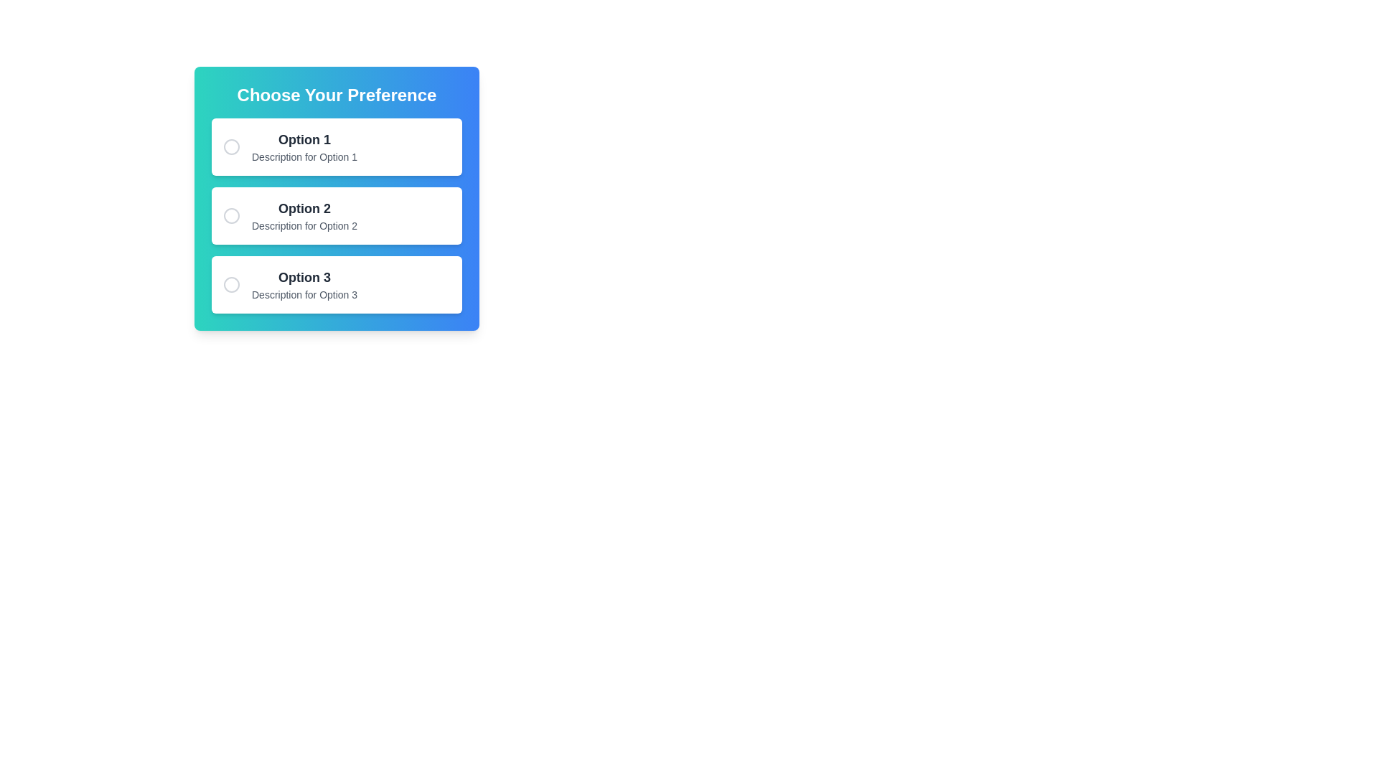 This screenshot has height=775, width=1378. What do you see at coordinates (304, 294) in the screenshot?
I see `the text label that displays 'Description for Option 3', which is styled in a smaller gray font and located below the bold heading 'Option 3' within the third option's card segment` at bounding box center [304, 294].